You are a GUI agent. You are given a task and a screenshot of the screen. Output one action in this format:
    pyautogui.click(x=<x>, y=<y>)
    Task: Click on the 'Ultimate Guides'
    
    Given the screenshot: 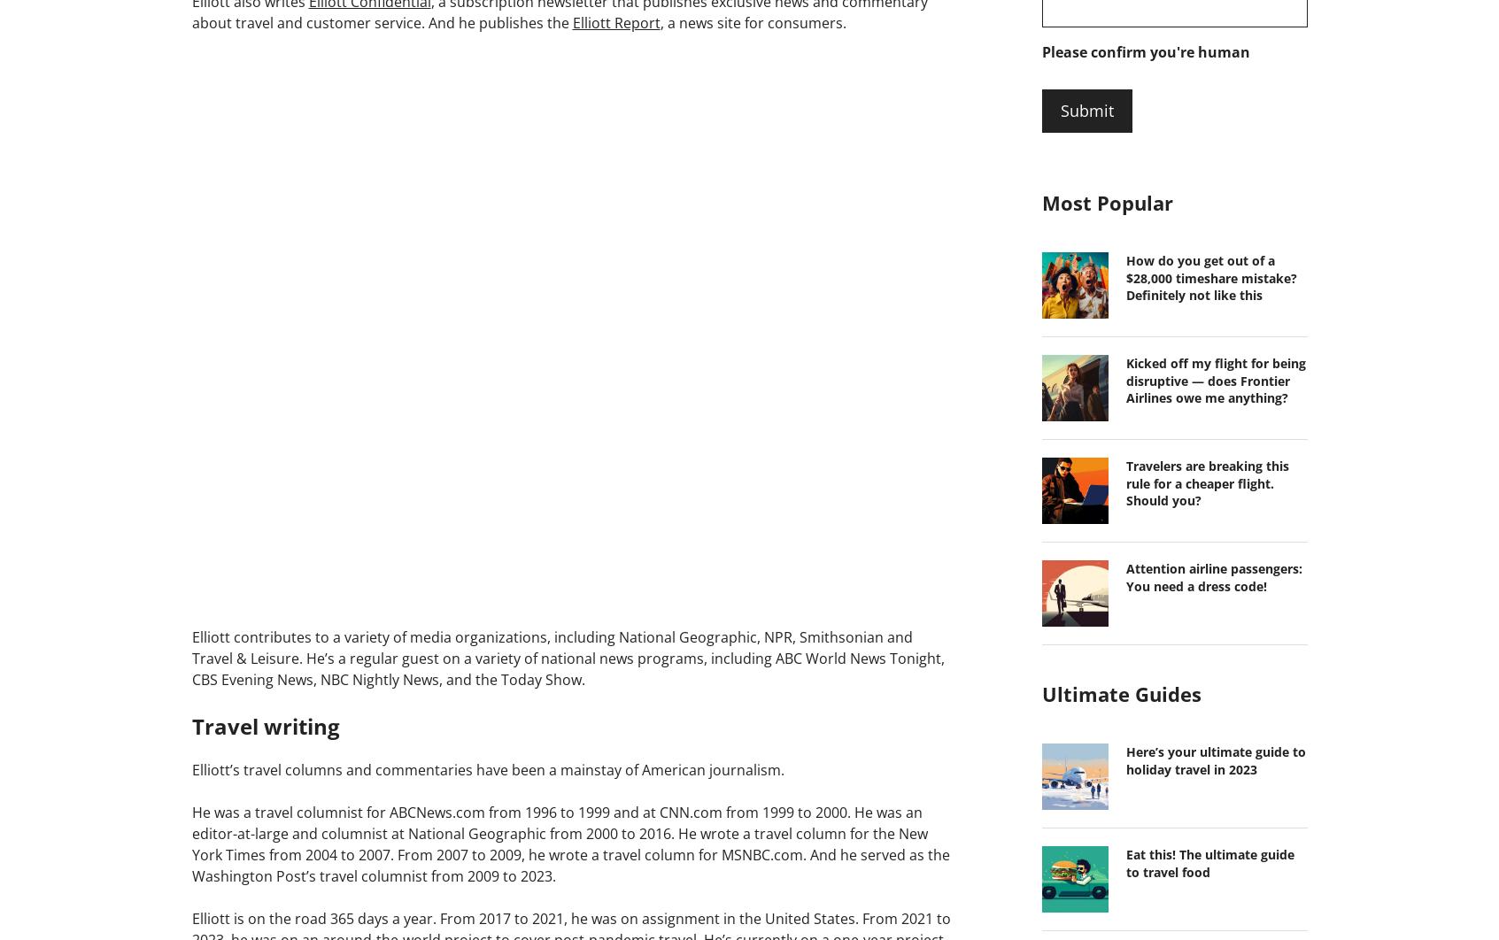 What is the action you would take?
    pyautogui.click(x=1121, y=693)
    